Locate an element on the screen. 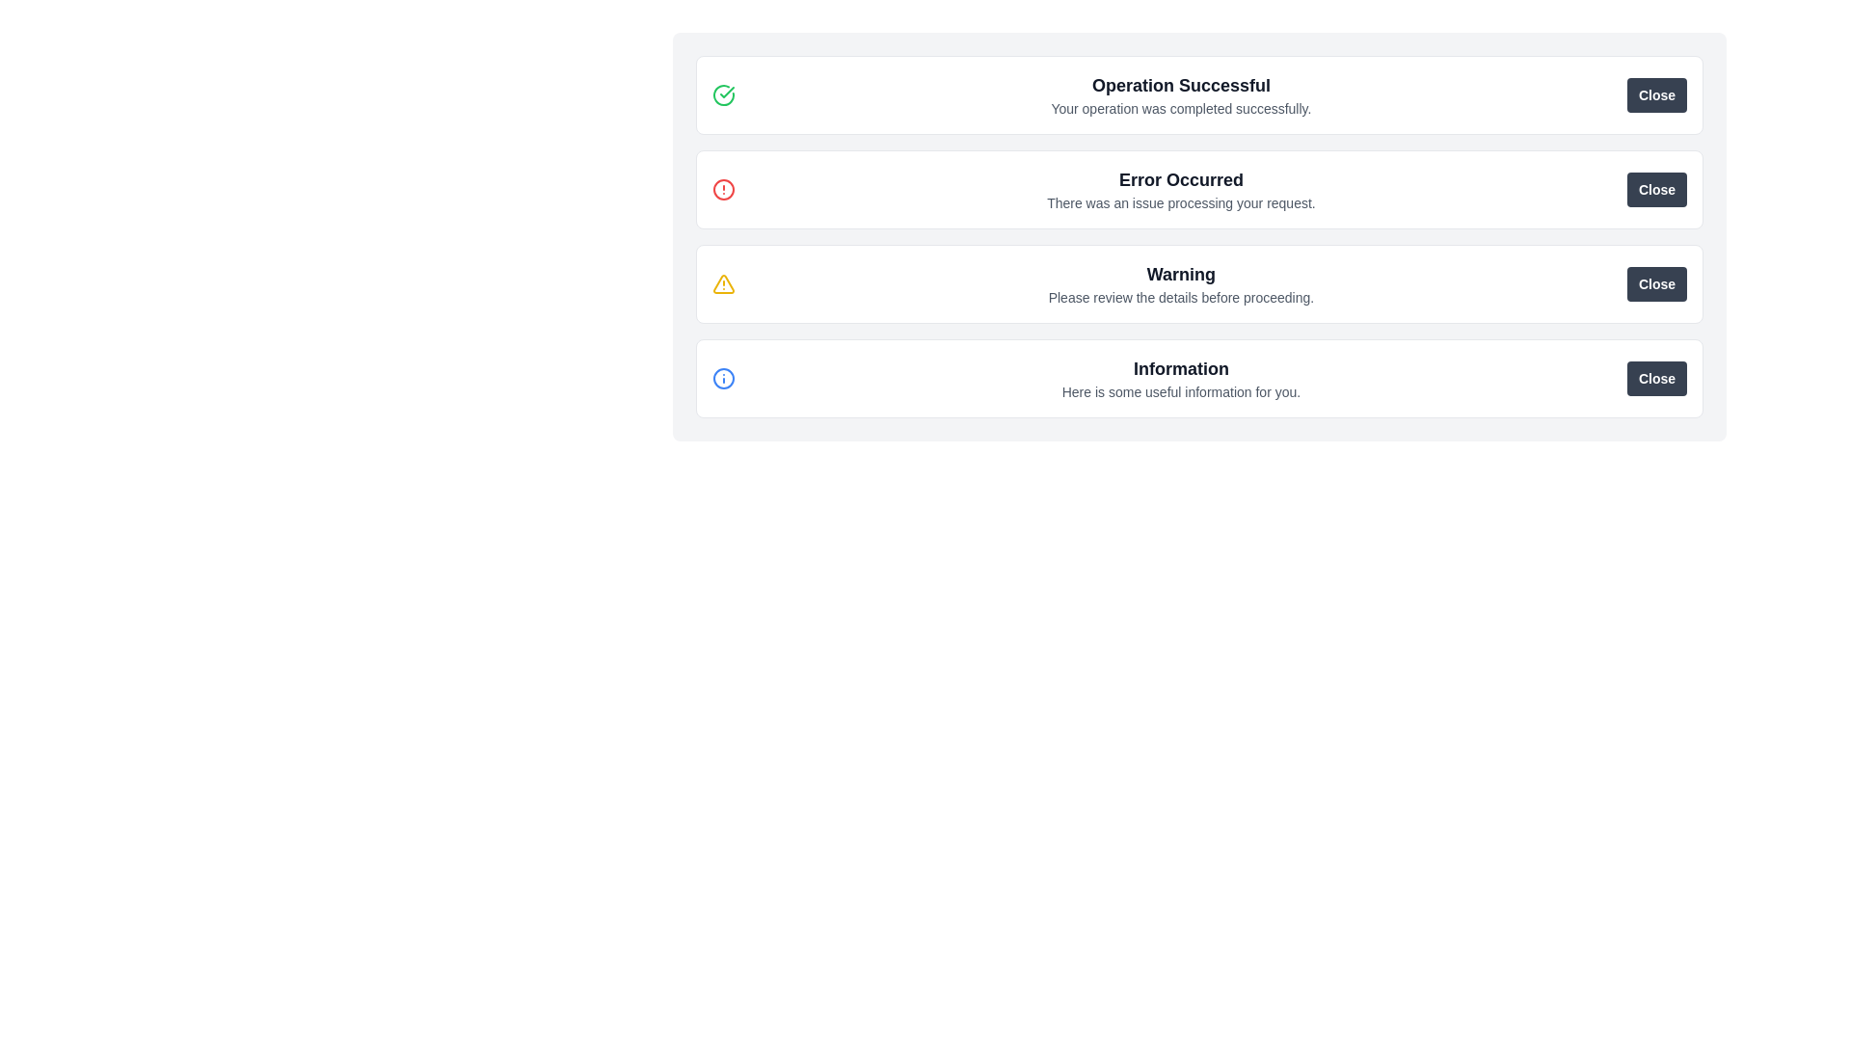 Image resolution: width=1851 pixels, height=1041 pixels. informational text label that provides additional explanation for the 'Warning' notification, located directly below the 'Warning' text in the third notification message is located at coordinates (1180, 297).